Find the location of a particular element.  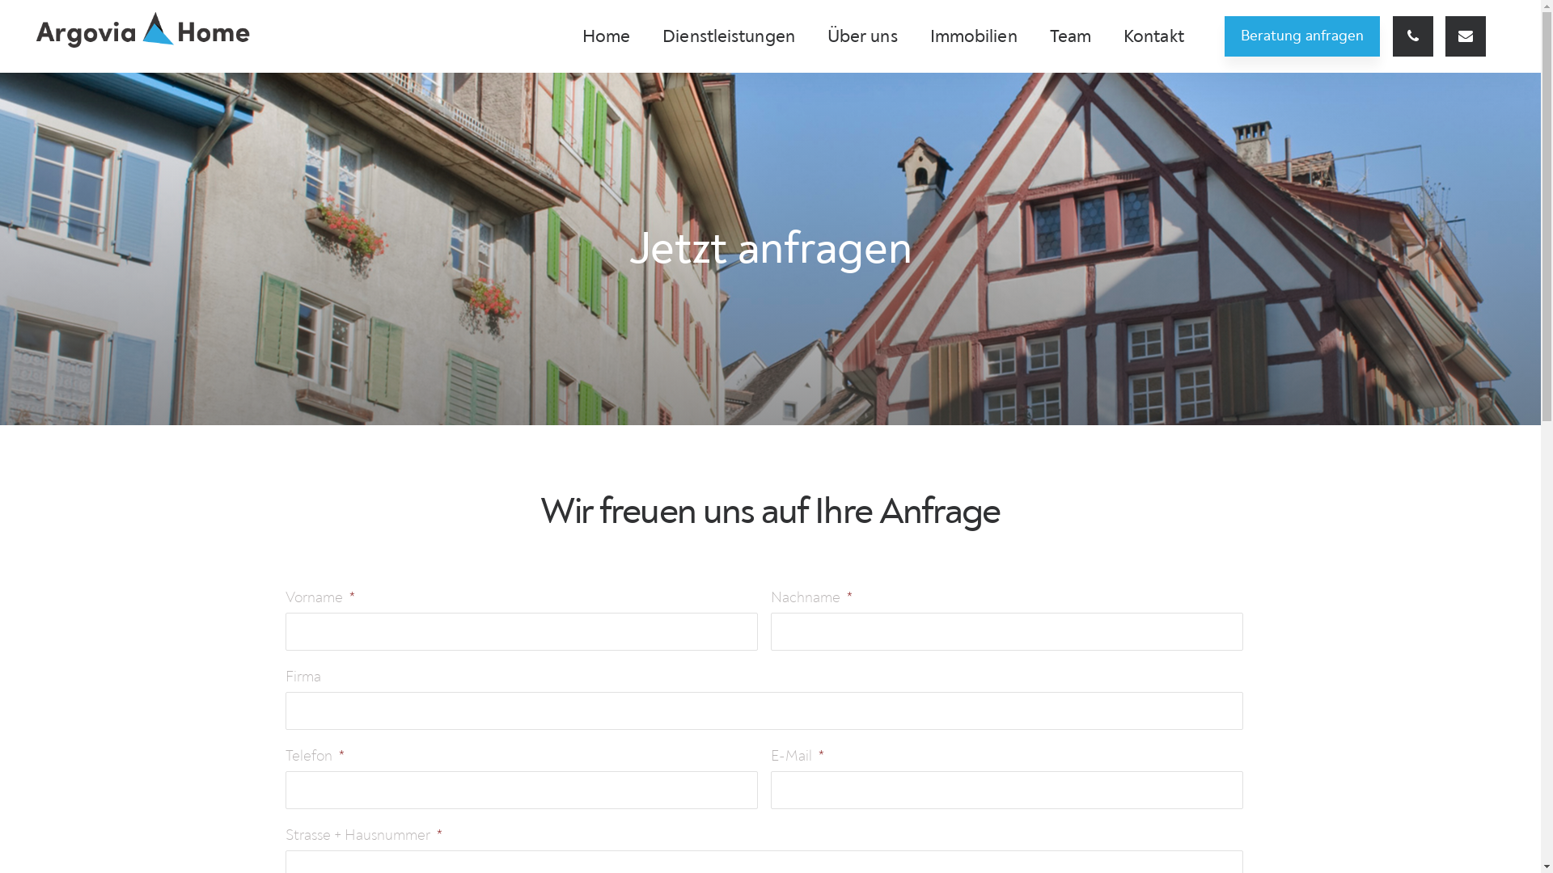

'Kontakt' is located at coordinates (1153, 36).